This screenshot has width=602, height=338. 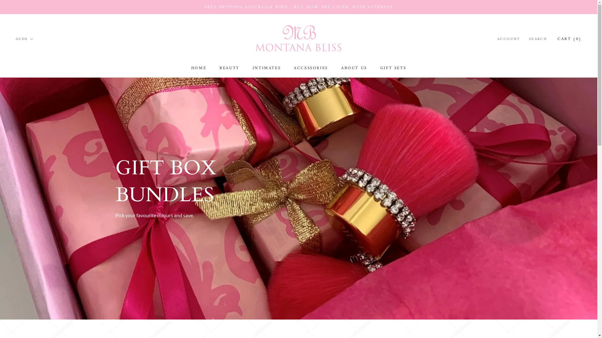 I want to click on 'HOME, so click(x=198, y=68).